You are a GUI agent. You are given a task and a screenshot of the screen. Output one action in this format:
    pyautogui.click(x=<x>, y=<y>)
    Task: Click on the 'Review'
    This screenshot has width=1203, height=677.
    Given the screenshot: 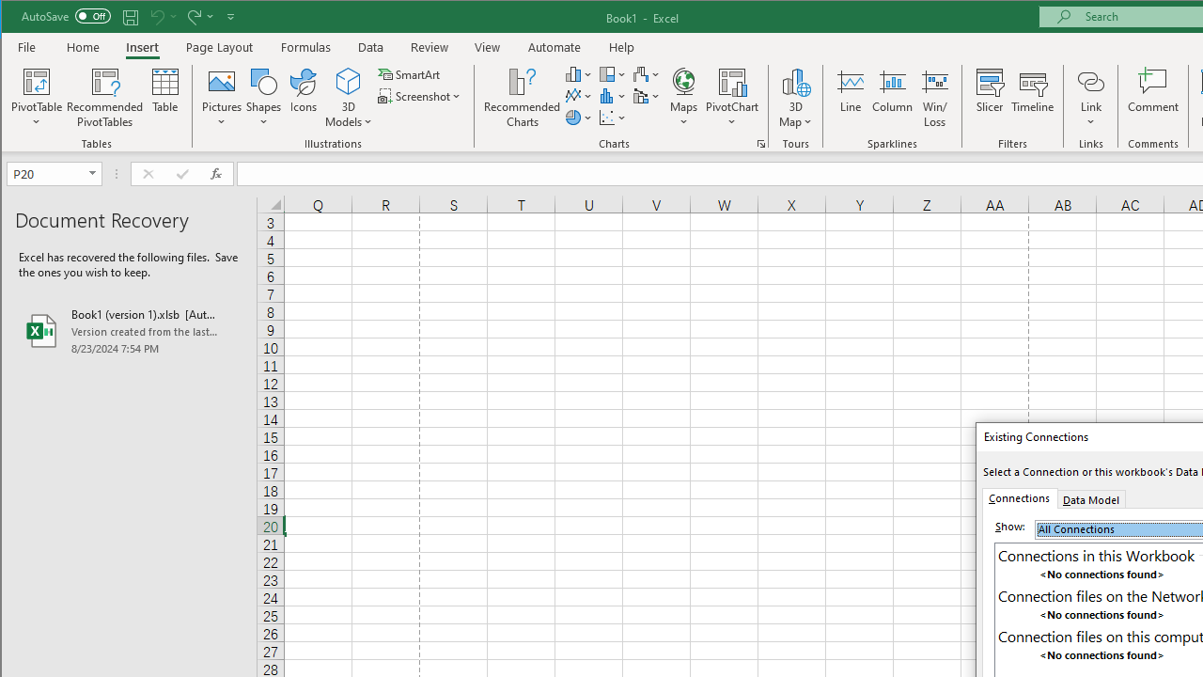 What is the action you would take?
    pyautogui.click(x=428, y=46)
    